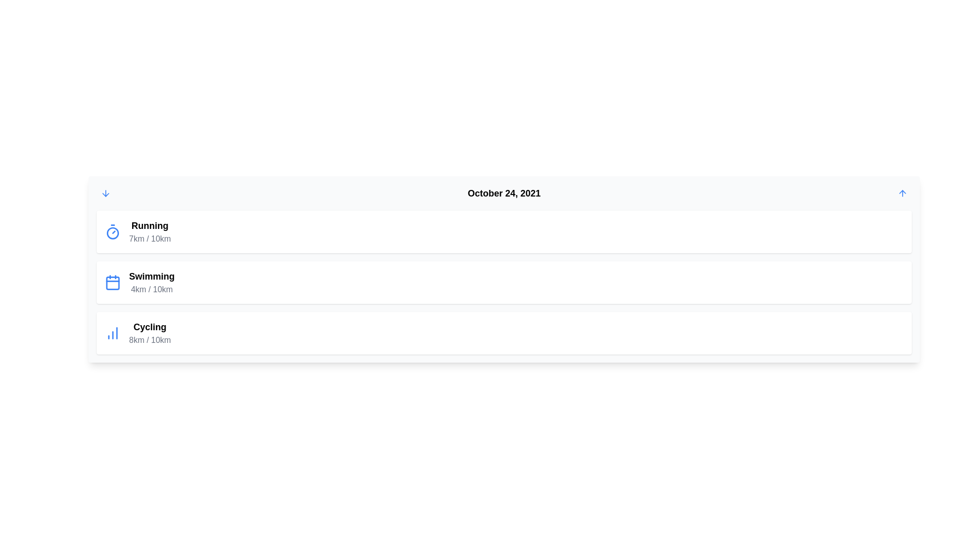  Describe the element at coordinates (112, 333) in the screenshot. I see `the graphical icon representing cycling activity data, located to the left of the text 'Cycling' and '8km / 10km' in the activity card` at that location.